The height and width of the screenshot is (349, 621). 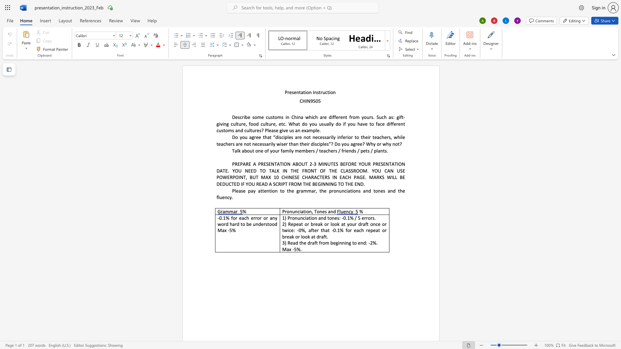 I want to click on the 2th character "l" in the text, so click(x=332, y=137).